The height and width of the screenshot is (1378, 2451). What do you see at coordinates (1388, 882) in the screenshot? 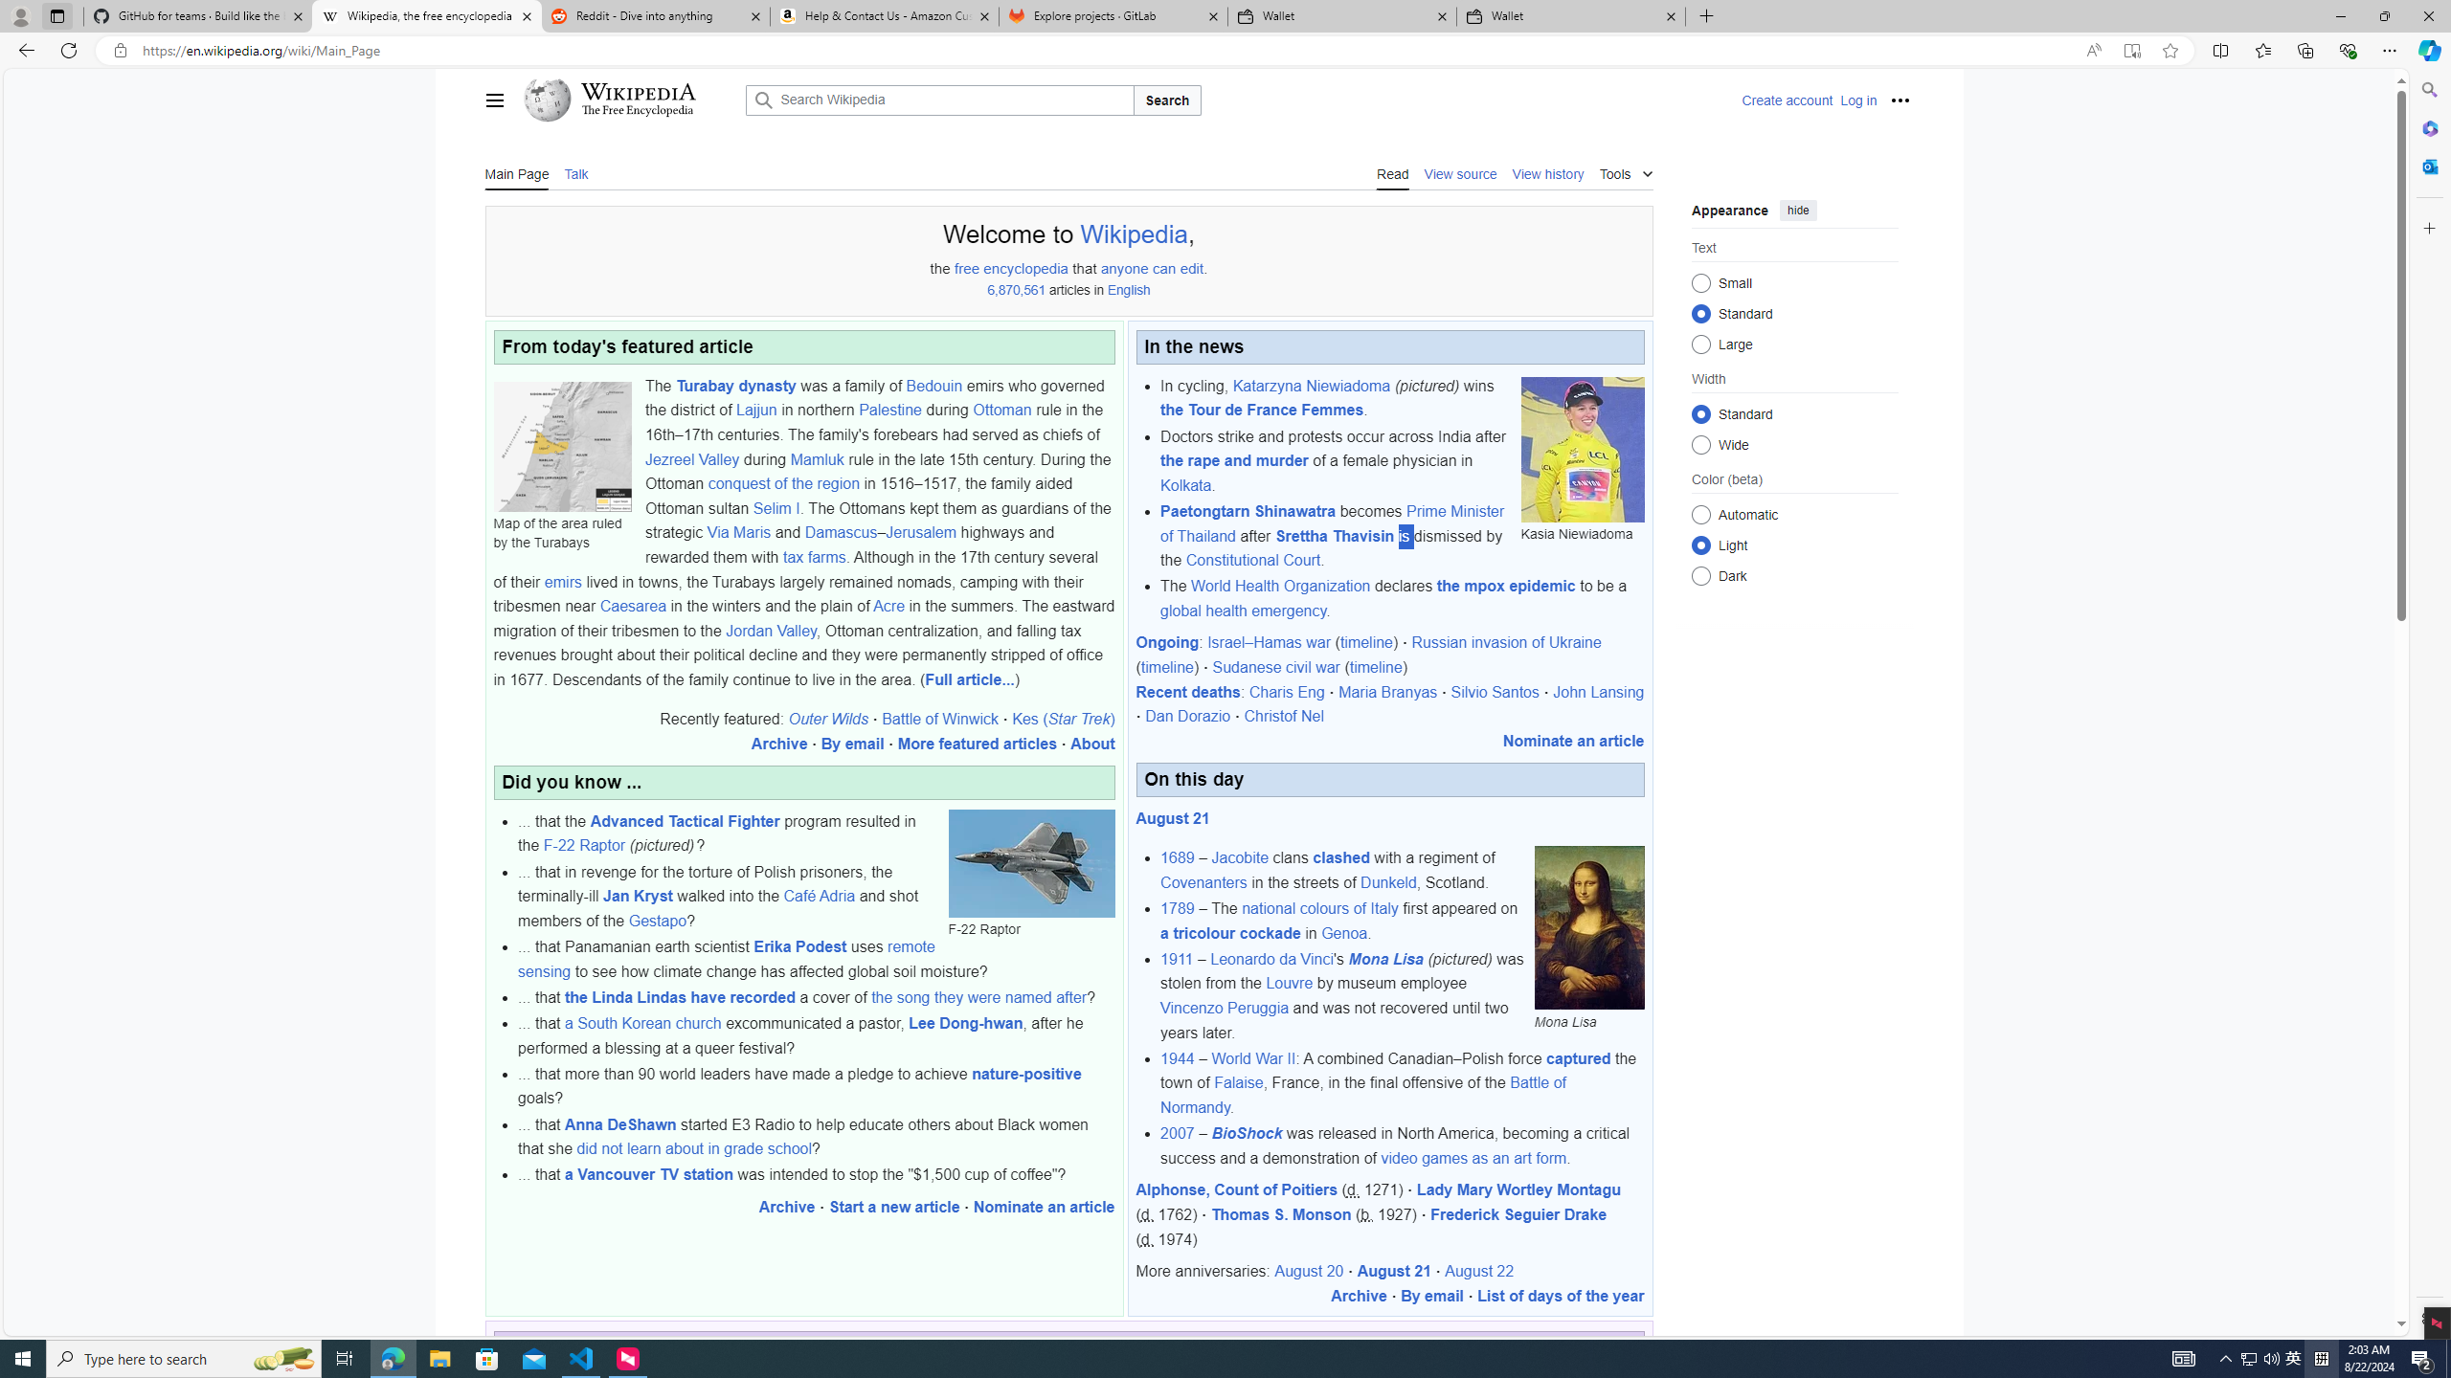
I see `'Dunkeld'` at bounding box center [1388, 882].